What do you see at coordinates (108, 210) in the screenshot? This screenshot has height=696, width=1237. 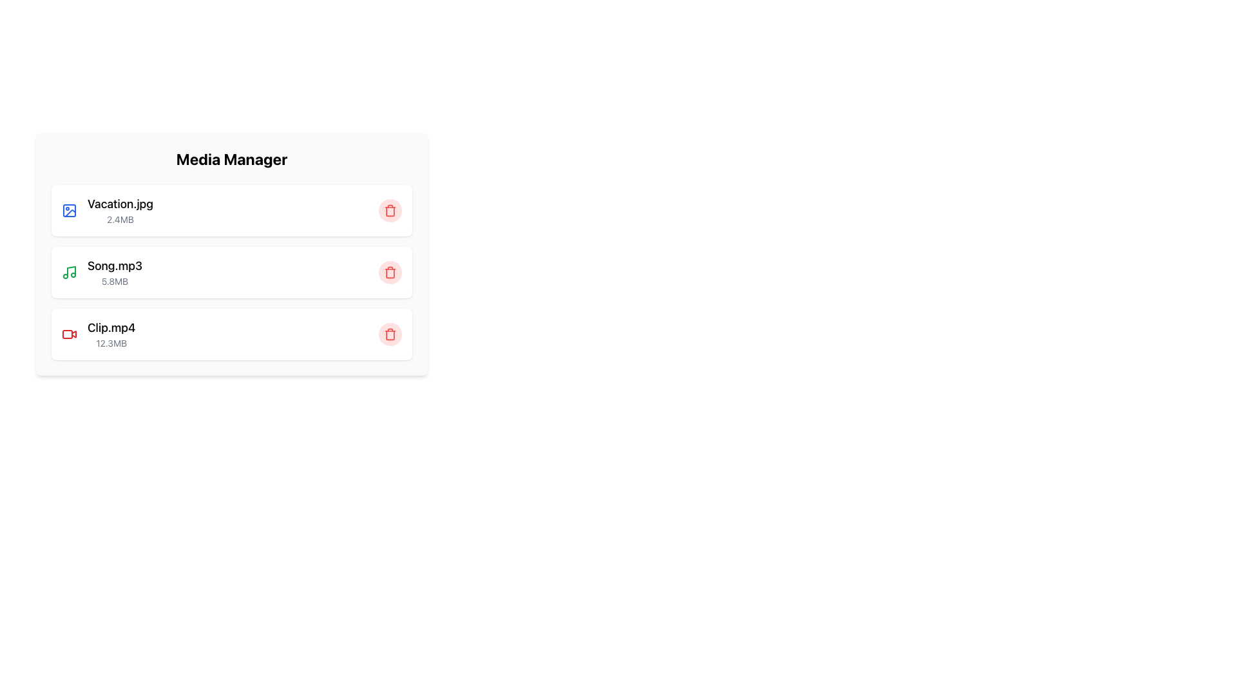 I see `to select the file item labeled 'Vacation.jpg' in the Media Manager interface, which is represented by a blue image icon and displays the file size '2.4MB'` at bounding box center [108, 210].